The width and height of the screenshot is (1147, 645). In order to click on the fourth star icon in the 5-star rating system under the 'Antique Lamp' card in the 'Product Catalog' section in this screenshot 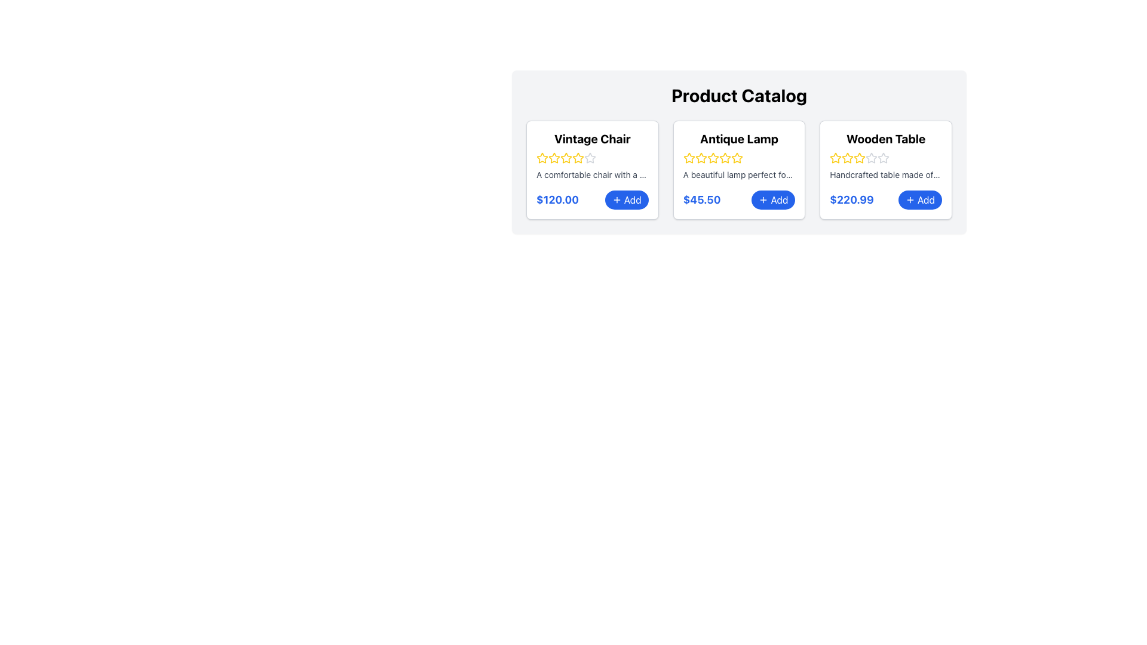, I will do `click(736, 158)`.